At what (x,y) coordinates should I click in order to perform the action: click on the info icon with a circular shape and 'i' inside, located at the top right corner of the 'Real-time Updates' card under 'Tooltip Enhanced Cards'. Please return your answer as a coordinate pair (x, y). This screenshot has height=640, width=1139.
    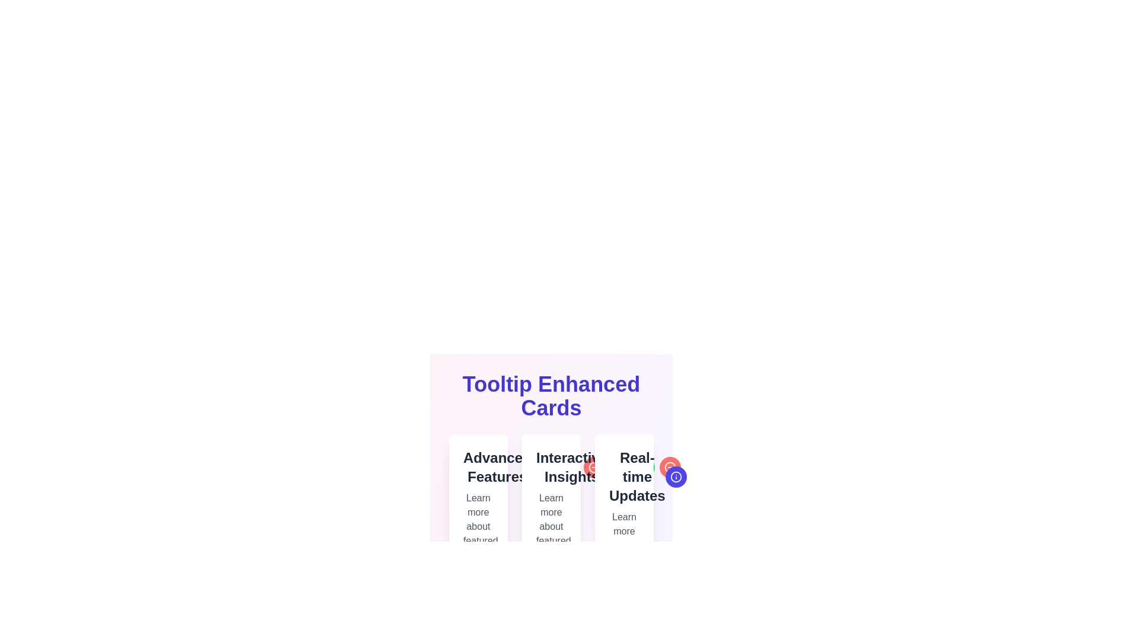
    Looking at the image, I should click on (617, 467).